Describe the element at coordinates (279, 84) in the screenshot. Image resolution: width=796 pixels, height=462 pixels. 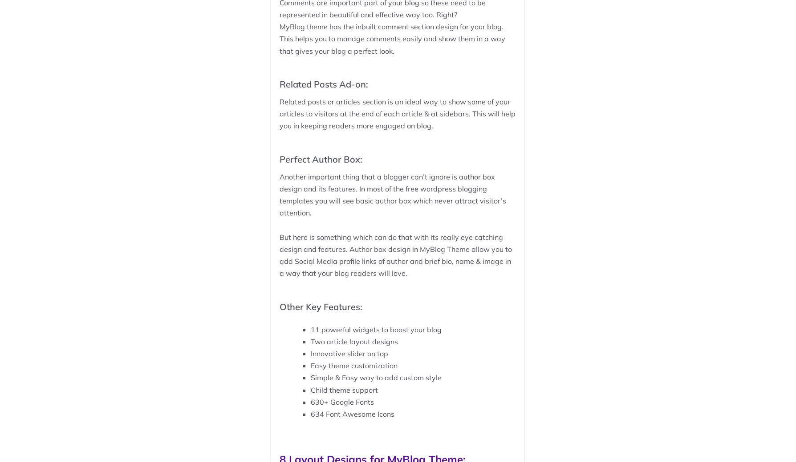
I see `'Related Posts Ad-on:'` at that location.